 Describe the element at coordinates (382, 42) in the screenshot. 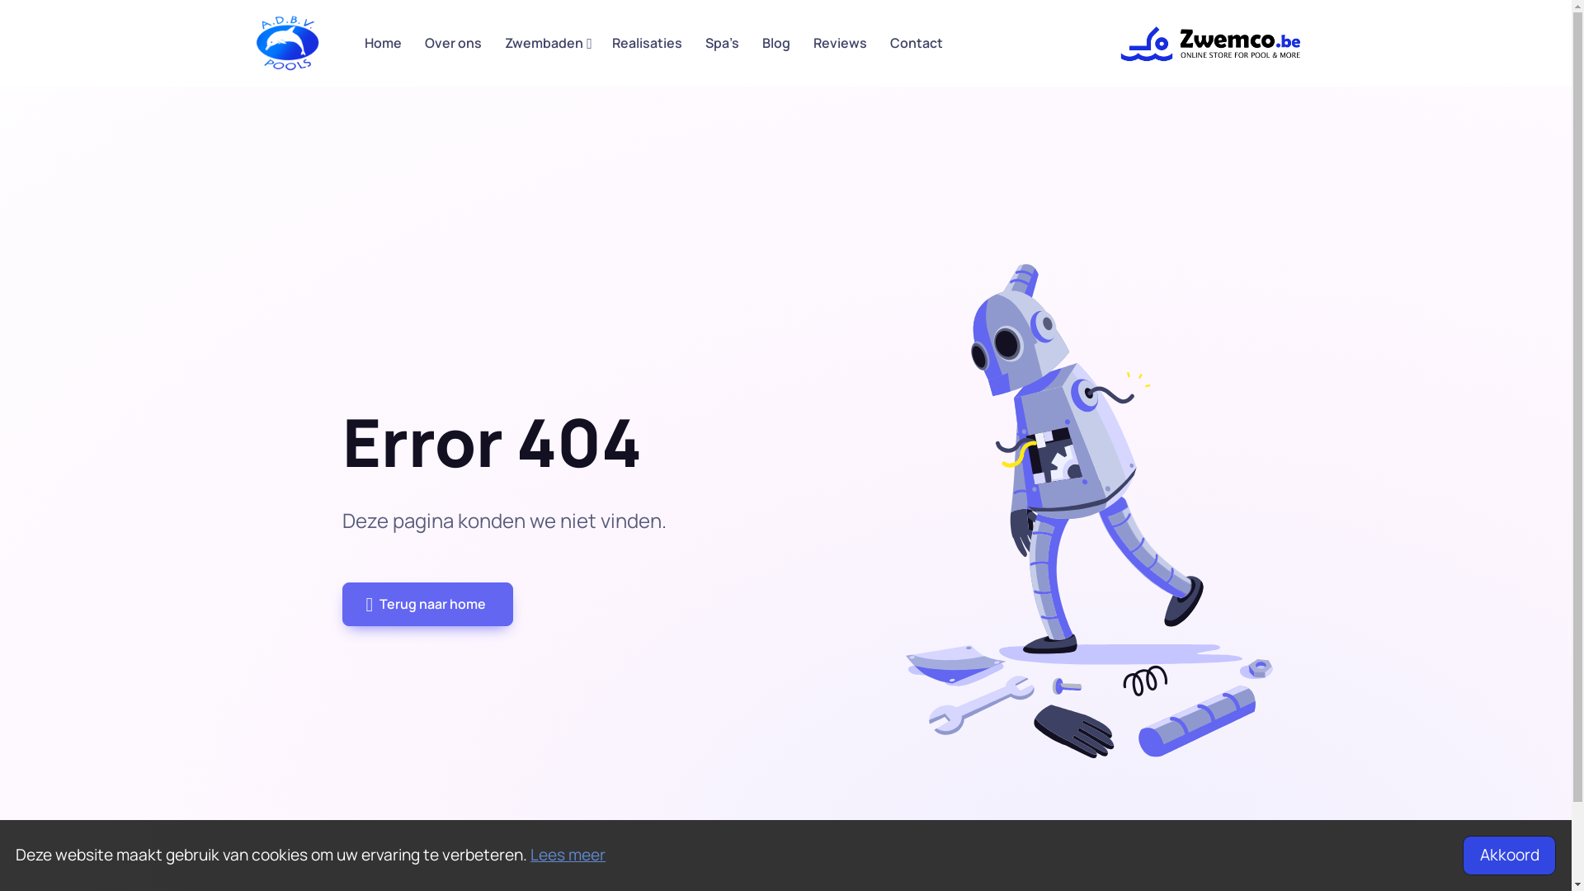

I see `'Home'` at that location.